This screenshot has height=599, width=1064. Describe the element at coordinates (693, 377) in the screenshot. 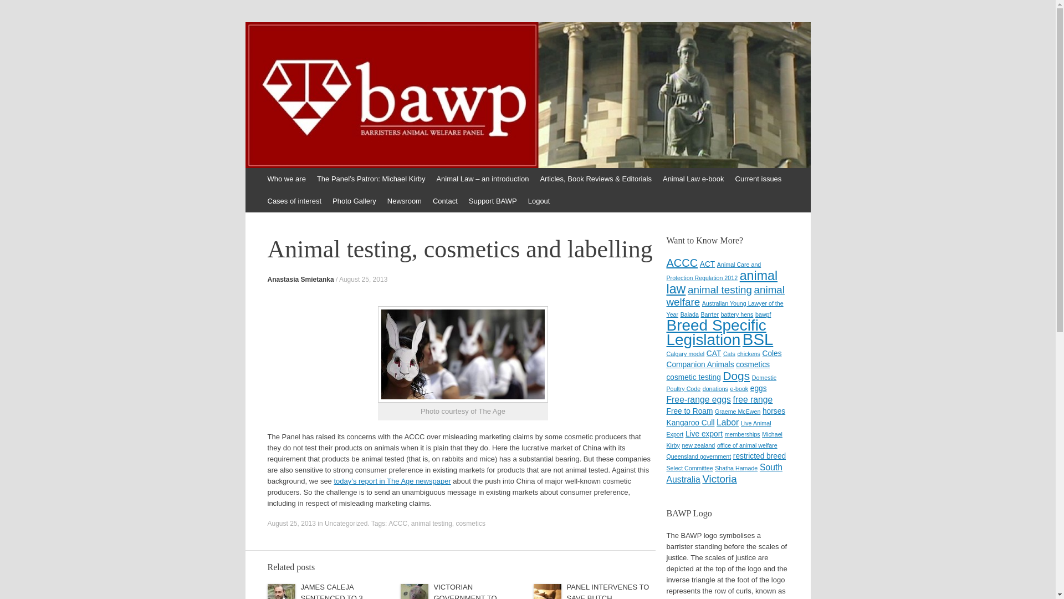

I see `'cosmetic testing'` at that location.